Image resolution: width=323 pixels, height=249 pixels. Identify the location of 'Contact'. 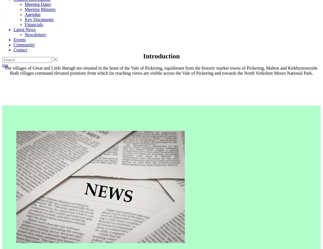
(20, 49).